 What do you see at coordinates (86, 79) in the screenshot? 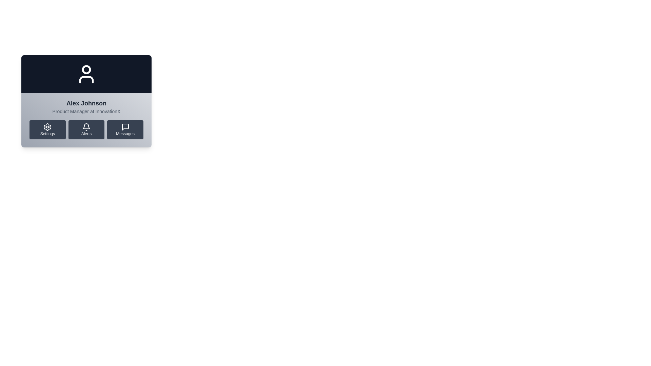
I see `the lower half of the user profile outline within the user profile icon located in the upper half of the interface card` at bounding box center [86, 79].